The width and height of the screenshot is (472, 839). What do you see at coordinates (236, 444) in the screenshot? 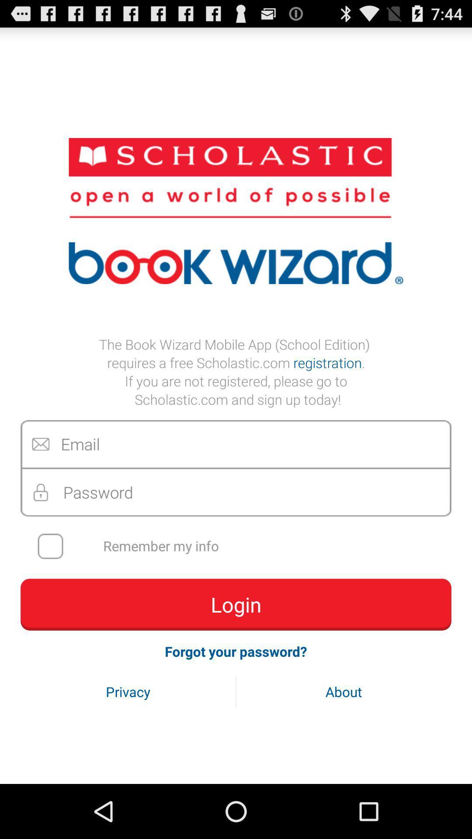
I see `email address` at bounding box center [236, 444].